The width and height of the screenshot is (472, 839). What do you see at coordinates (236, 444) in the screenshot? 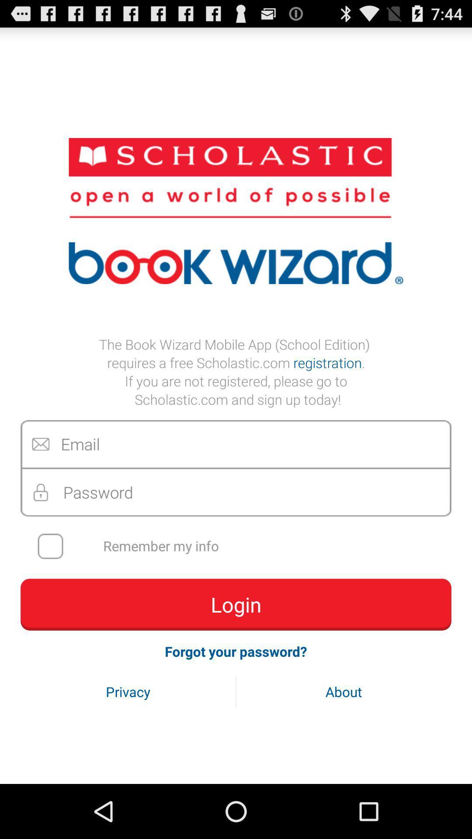
I see `email address` at bounding box center [236, 444].